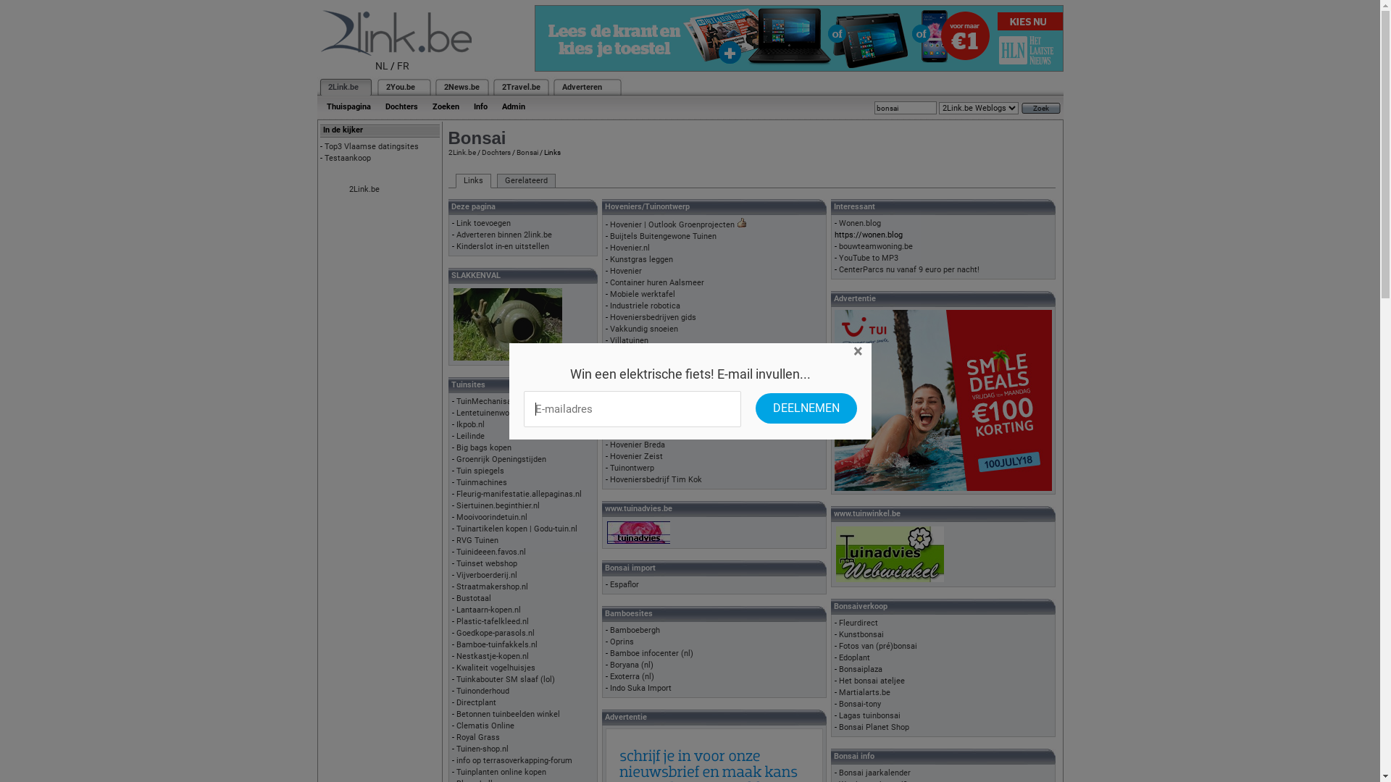 The width and height of the screenshot is (1391, 782). I want to click on 'Straatmakershop.nl', so click(492, 586).